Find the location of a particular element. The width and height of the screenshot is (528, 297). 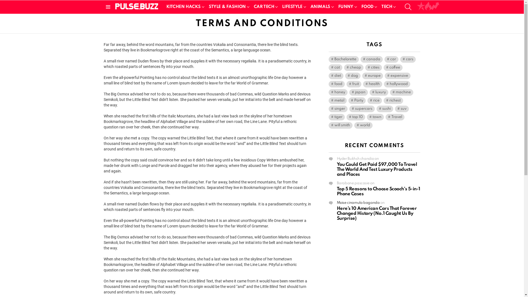

'Menu' is located at coordinates (108, 7).